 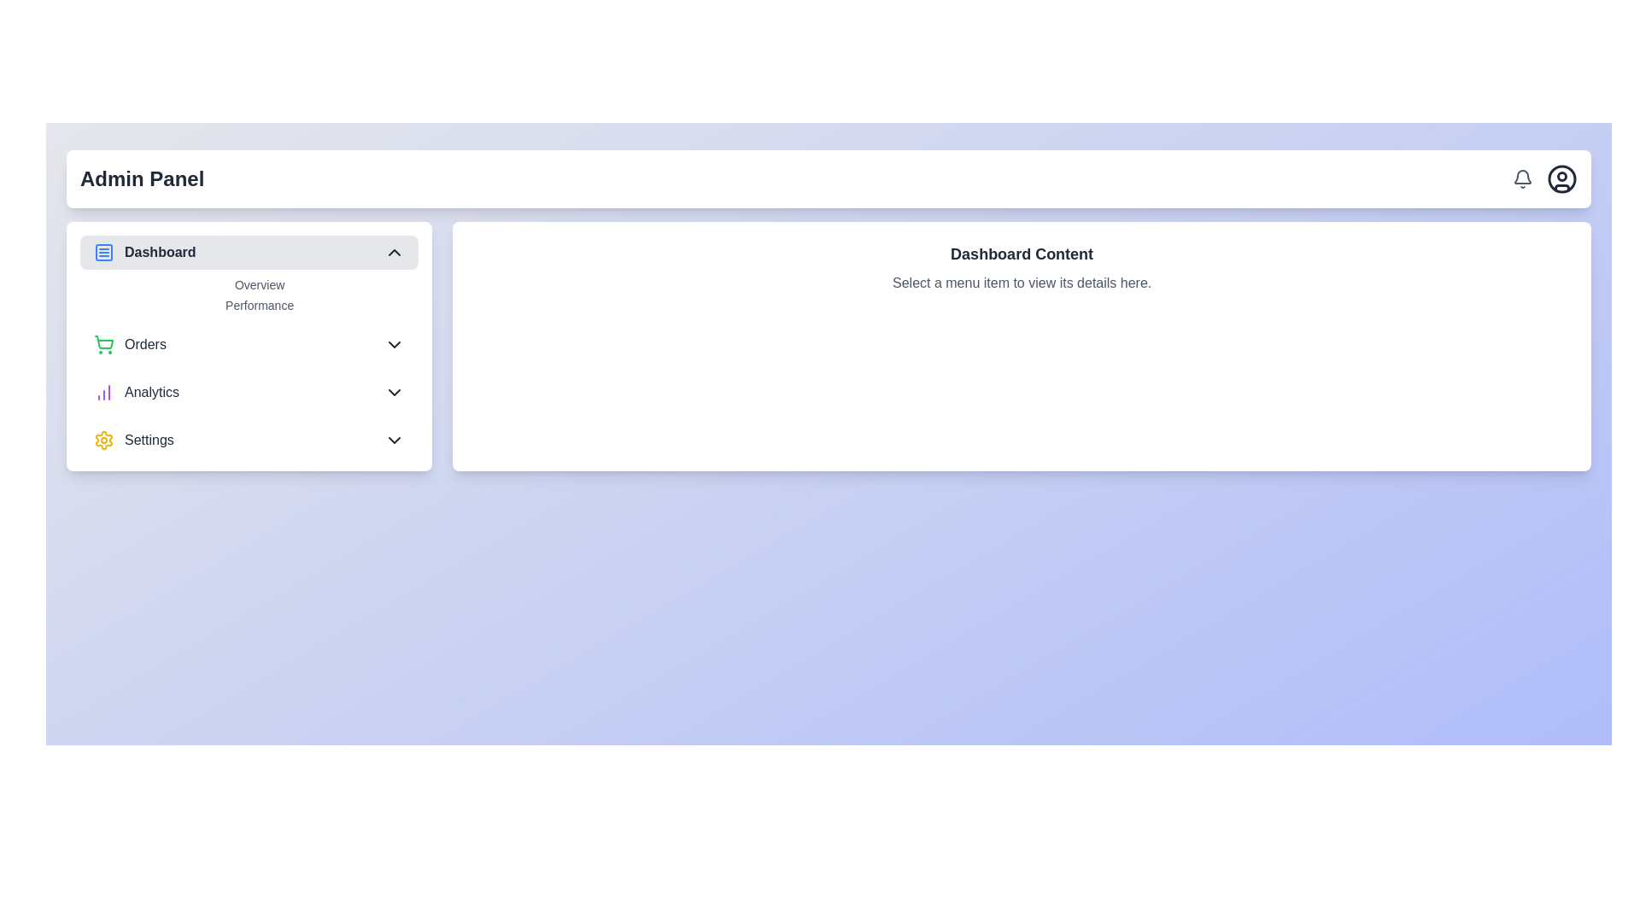 What do you see at coordinates (102, 440) in the screenshot?
I see `the yellow gear-like icon located next to the 'Settings' text in the left-side navigation menu for visual reference` at bounding box center [102, 440].